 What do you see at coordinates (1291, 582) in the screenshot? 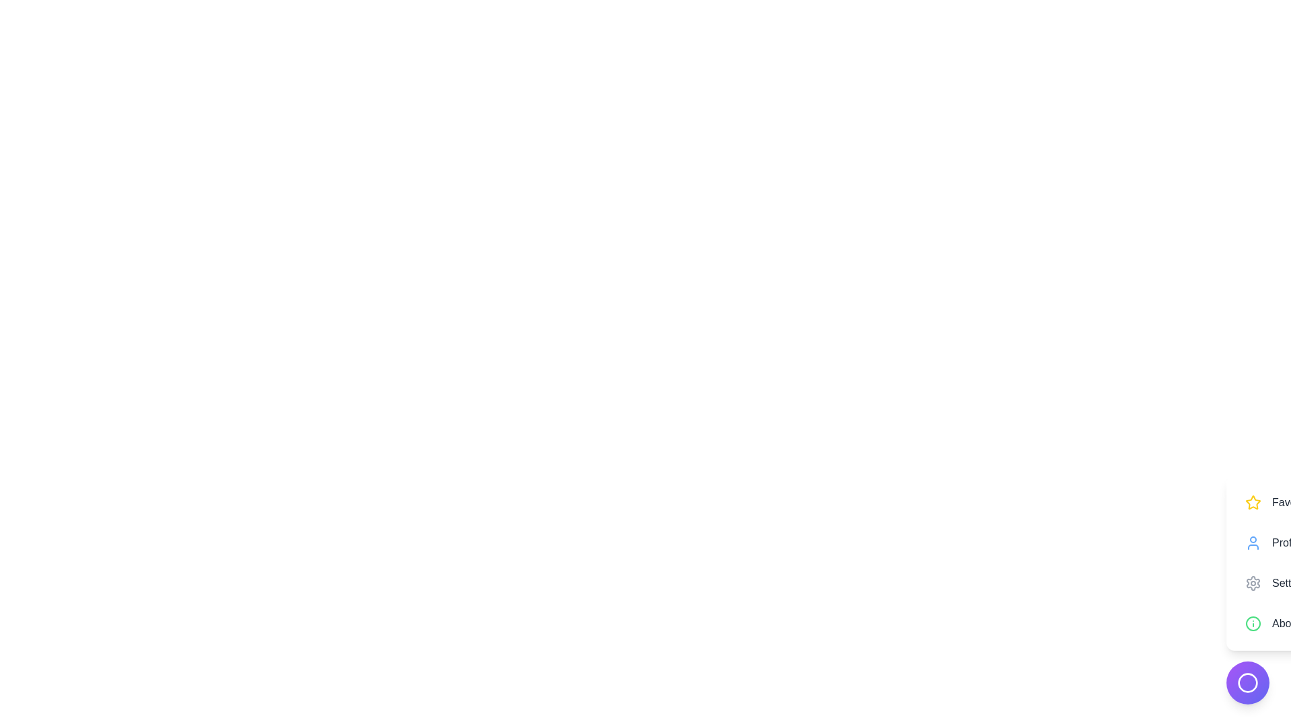
I see `the Settings from the speed dial options` at bounding box center [1291, 582].